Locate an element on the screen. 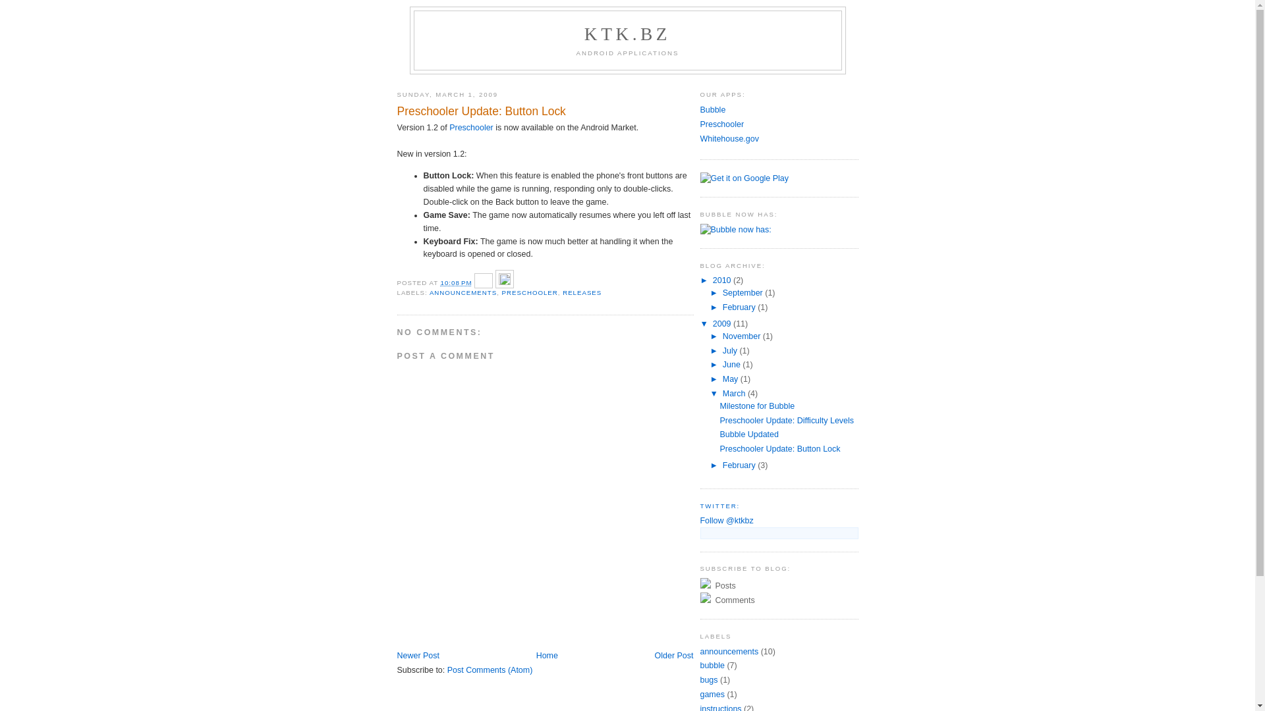  'Milestone for Bubble' is located at coordinates (756, 406).